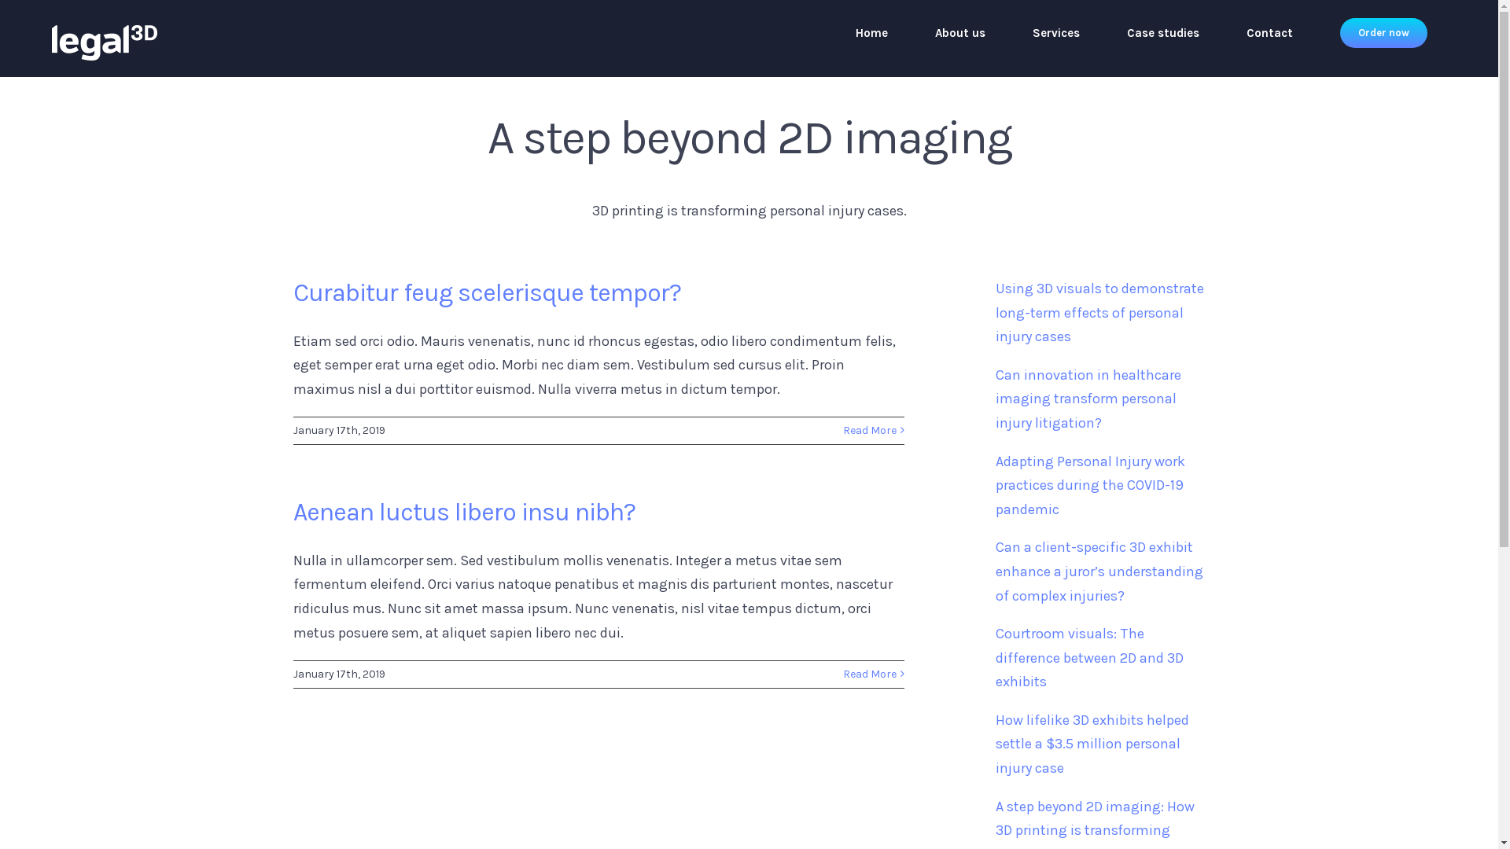 This screenshot has height=849, width=1510. I want to click on 'Order now', so click(1383, 33).